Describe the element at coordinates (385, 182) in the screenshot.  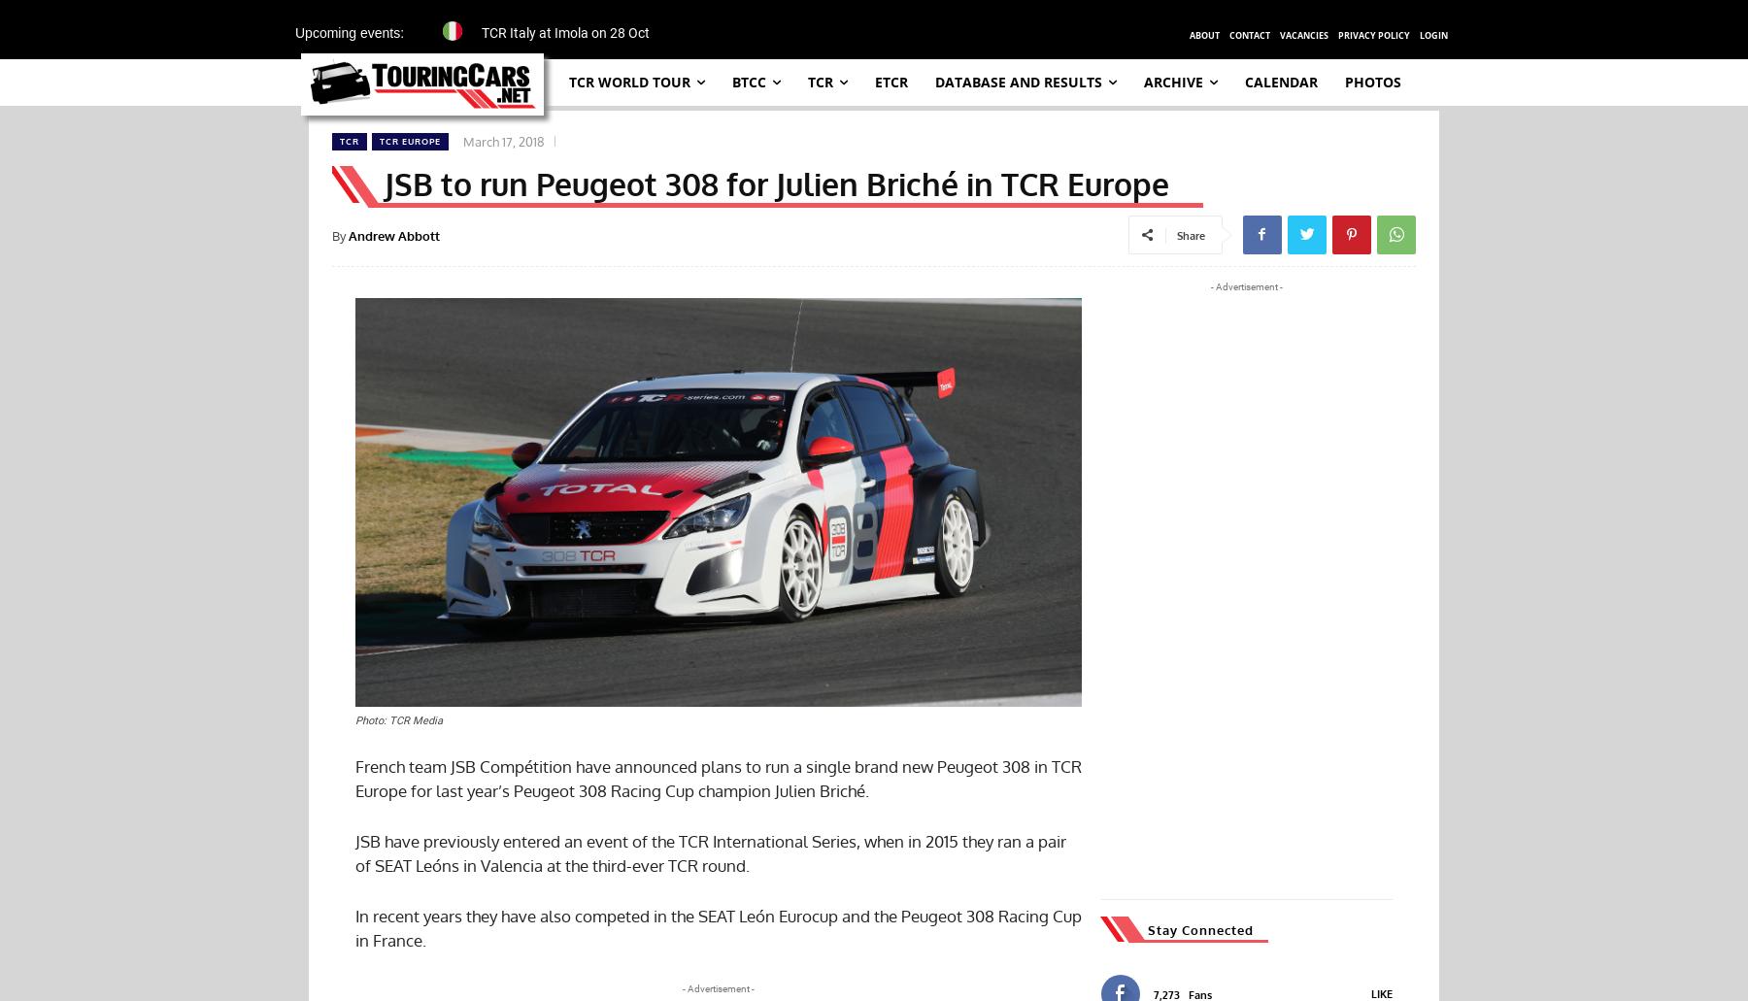
I see `'JSB to run Peugeot 308 for Julien Briché in TCR Europe'` at that location.